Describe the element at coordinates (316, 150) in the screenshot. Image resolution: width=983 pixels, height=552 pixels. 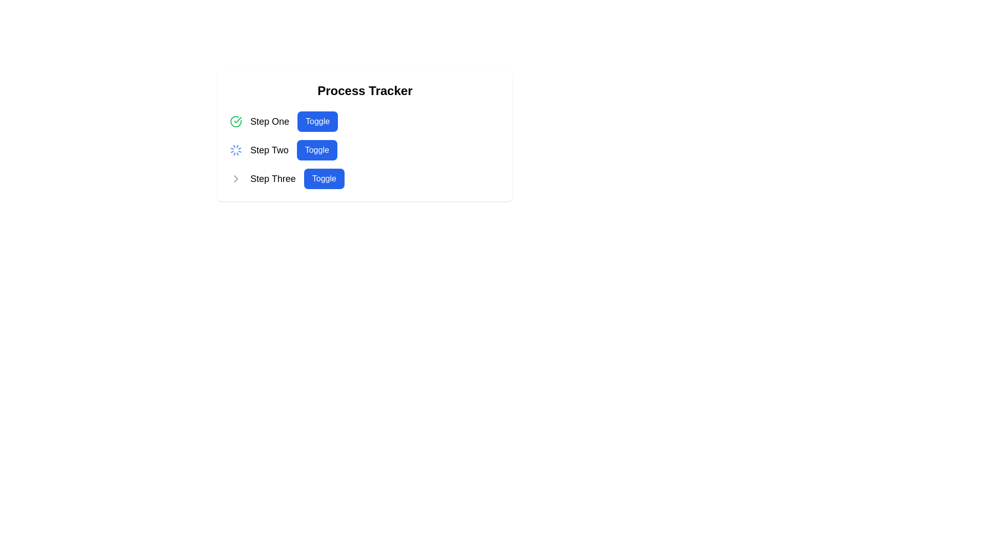
I see `the rectangular blue button labeled 'Toggle' with white text` at that location.